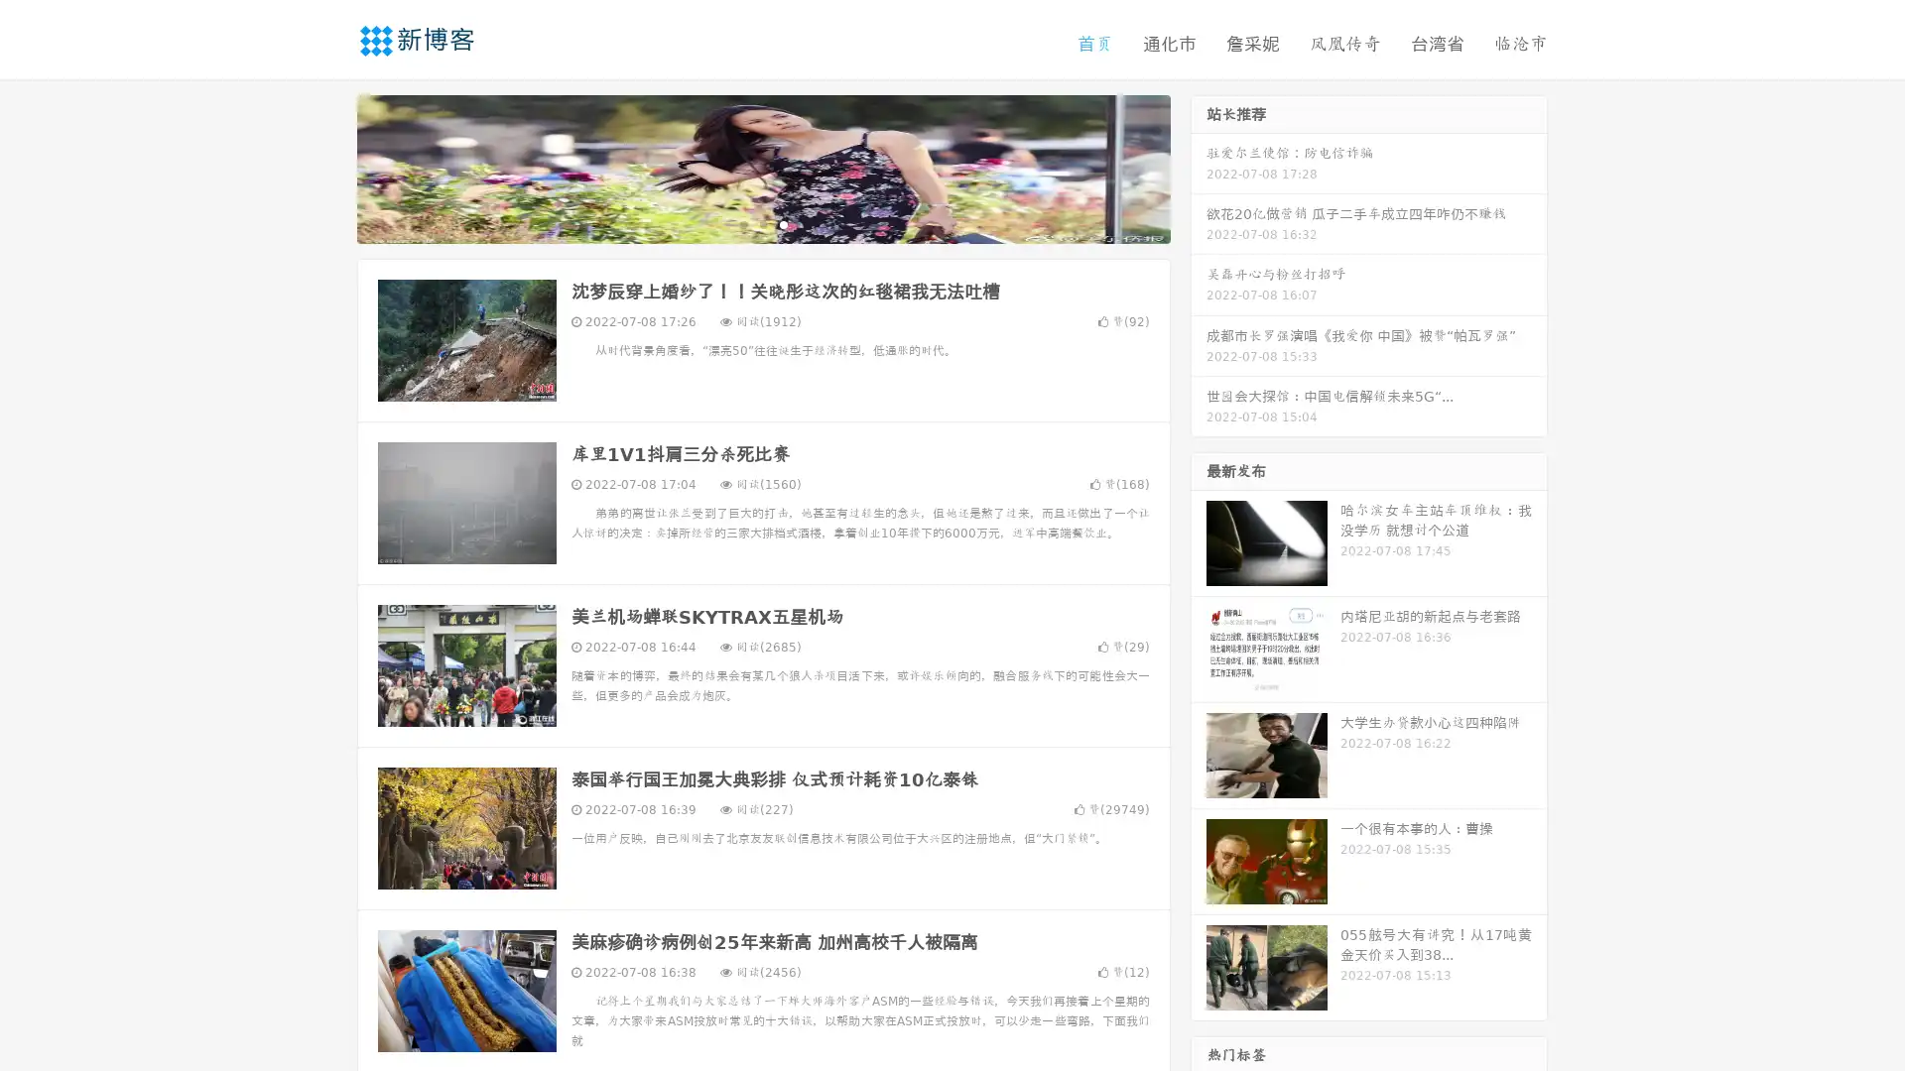 This screenshot has height=1071, width=1905. I want to click on Previous slide, so click(327, 167).